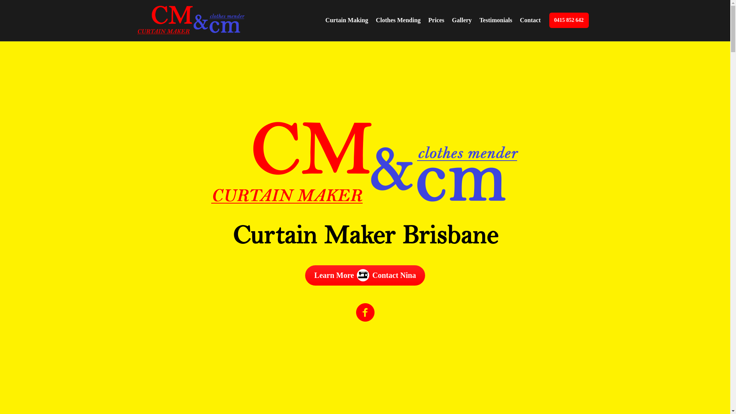  I want to click on 'Contact Nina', so click(394, 275).